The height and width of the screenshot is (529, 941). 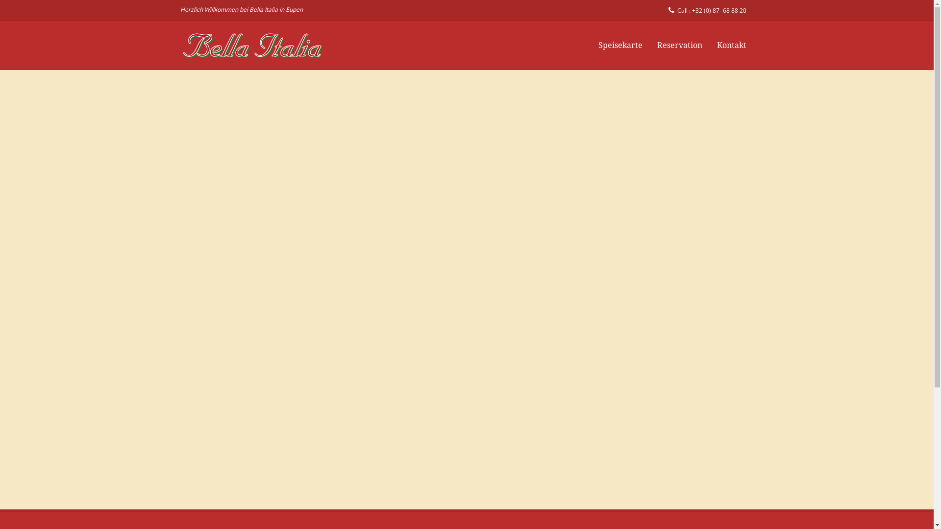 What do you see at coordinates (679, 45) in the screenshot?
I see `'Reservation'` at bounding box center [679, 45].